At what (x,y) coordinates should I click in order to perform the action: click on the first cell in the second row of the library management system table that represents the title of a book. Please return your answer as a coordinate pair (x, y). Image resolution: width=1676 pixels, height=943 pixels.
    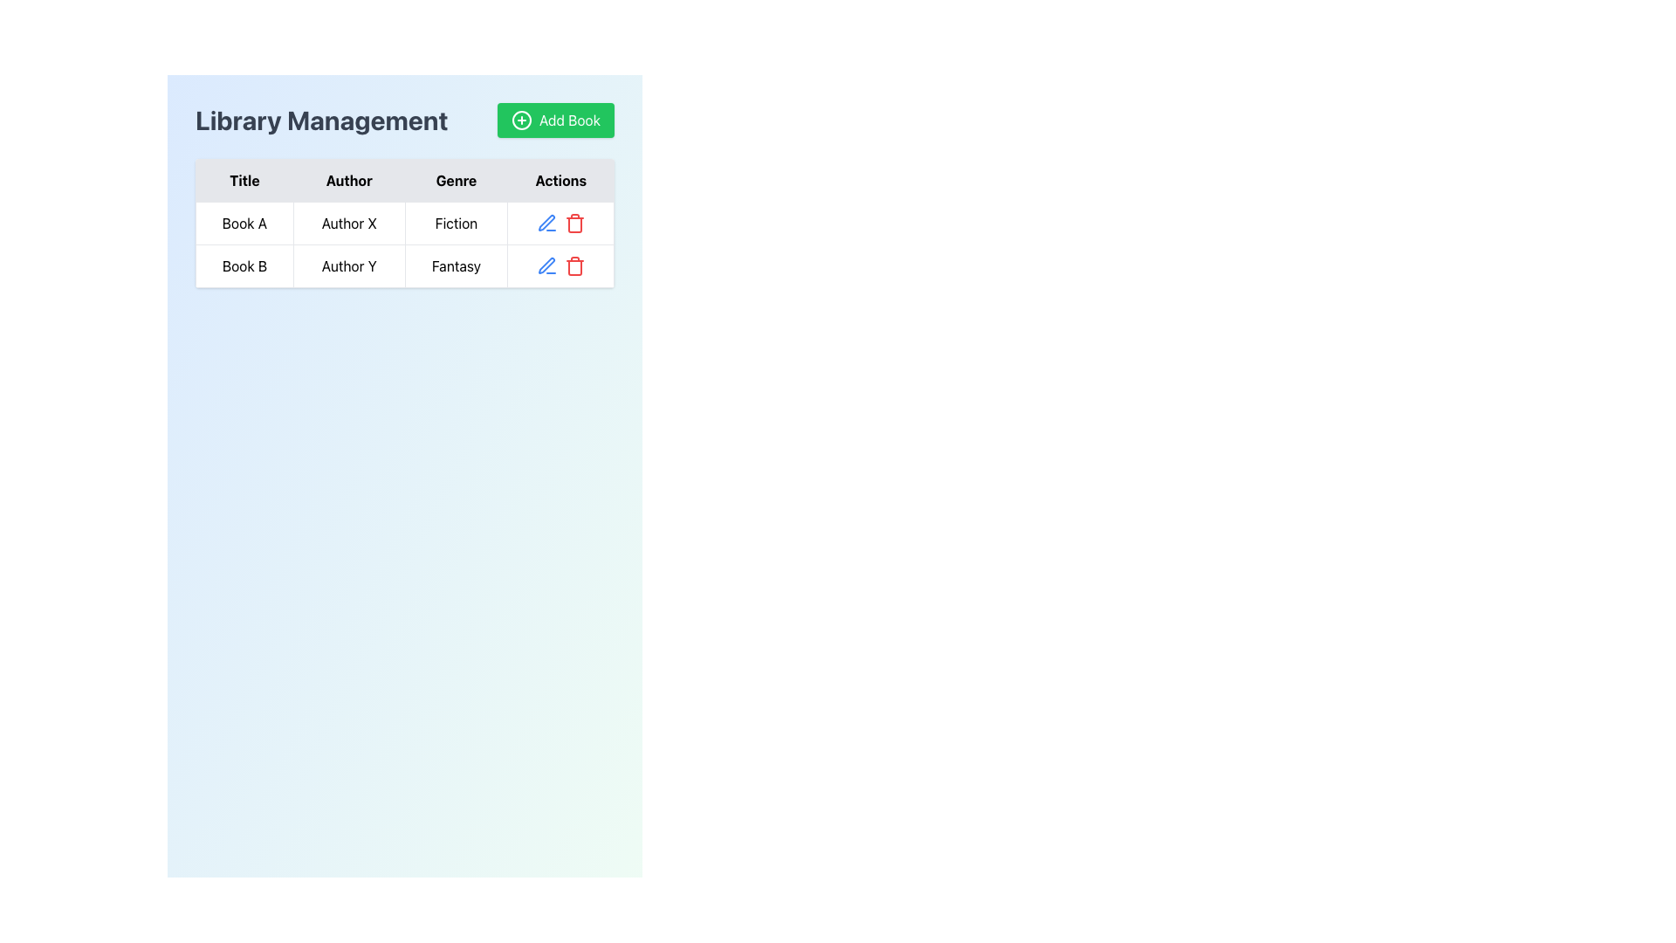
    Looking at the image, I should click on (244, 265).